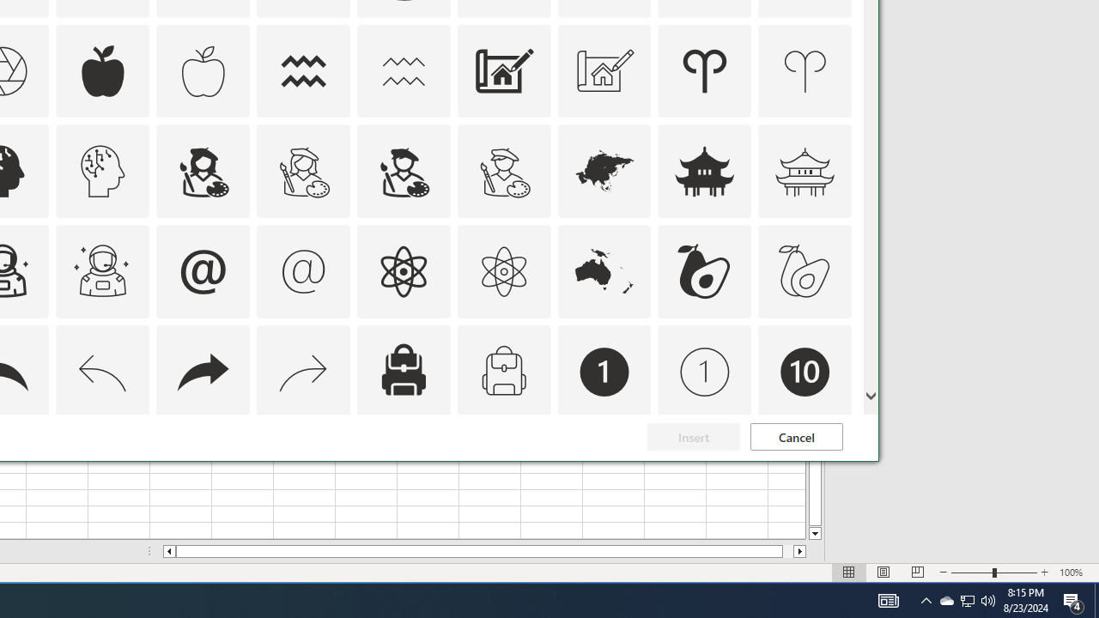 The width and height of the screenshot is (1099, 618). What do you see at coordinates (102, 70) in the screenshot?
I see `'AutomationID: Icons_Apple'` at bounding box center [102, 70].